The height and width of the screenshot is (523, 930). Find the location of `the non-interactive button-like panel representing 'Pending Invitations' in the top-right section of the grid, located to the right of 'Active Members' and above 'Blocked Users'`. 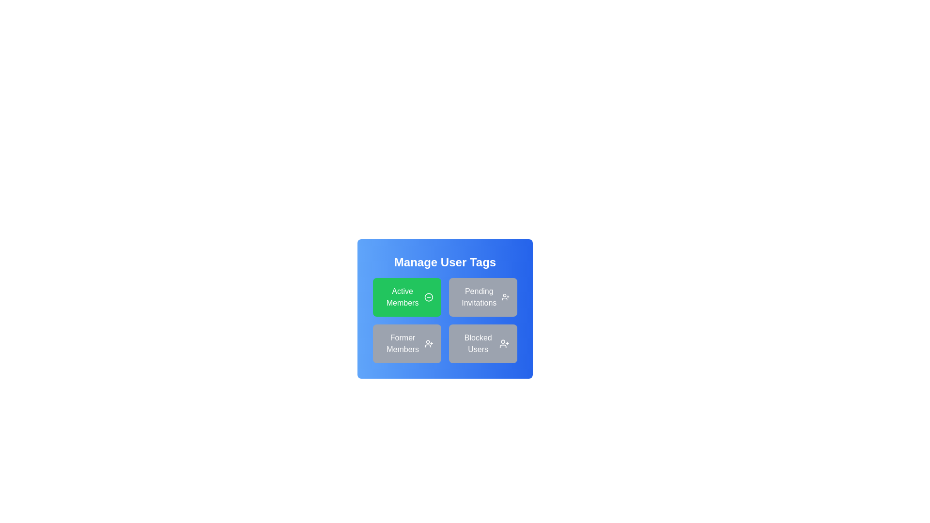

the non-interactive button-like panel representing 'Pending Invitations' in the top-right section of the grid, located to the right of 'Active Members' and above 'Blocked Users' is located at coordinates (483, 296).